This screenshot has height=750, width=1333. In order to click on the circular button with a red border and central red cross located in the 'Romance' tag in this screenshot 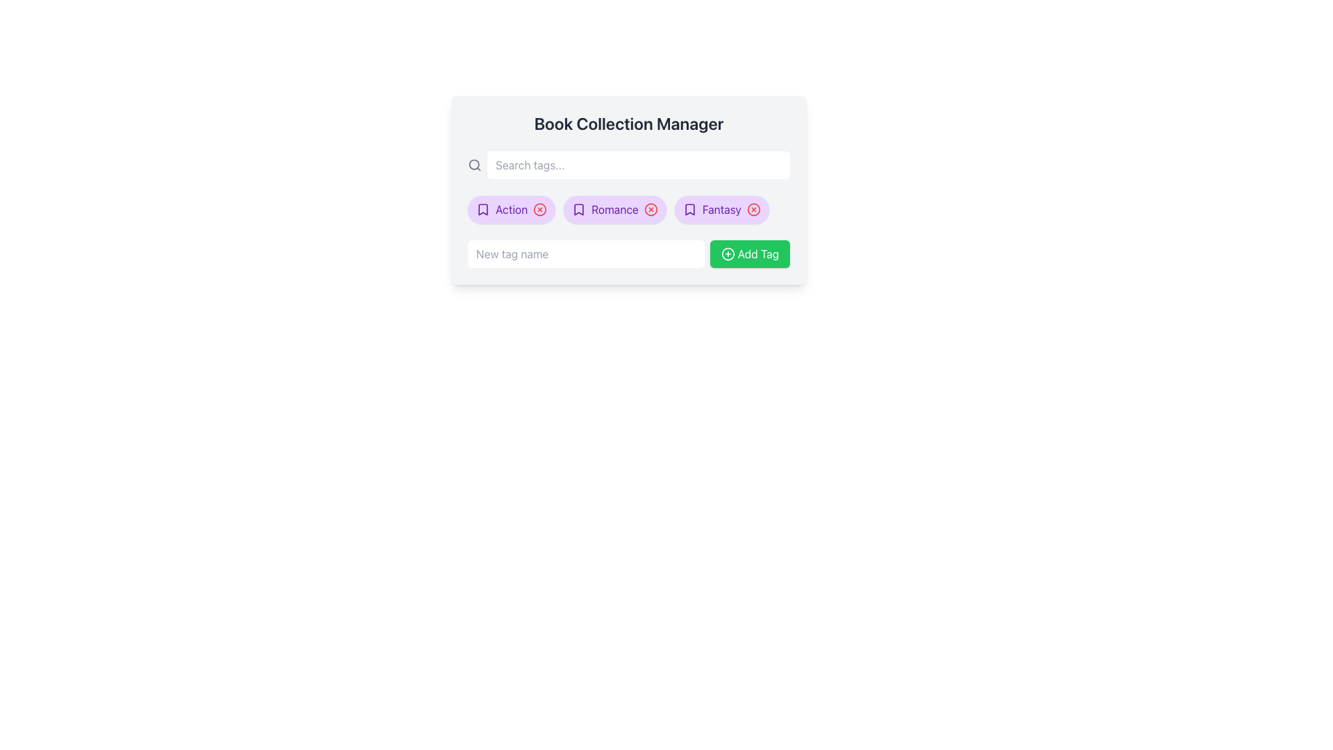, I will do `click(650, 209)`.